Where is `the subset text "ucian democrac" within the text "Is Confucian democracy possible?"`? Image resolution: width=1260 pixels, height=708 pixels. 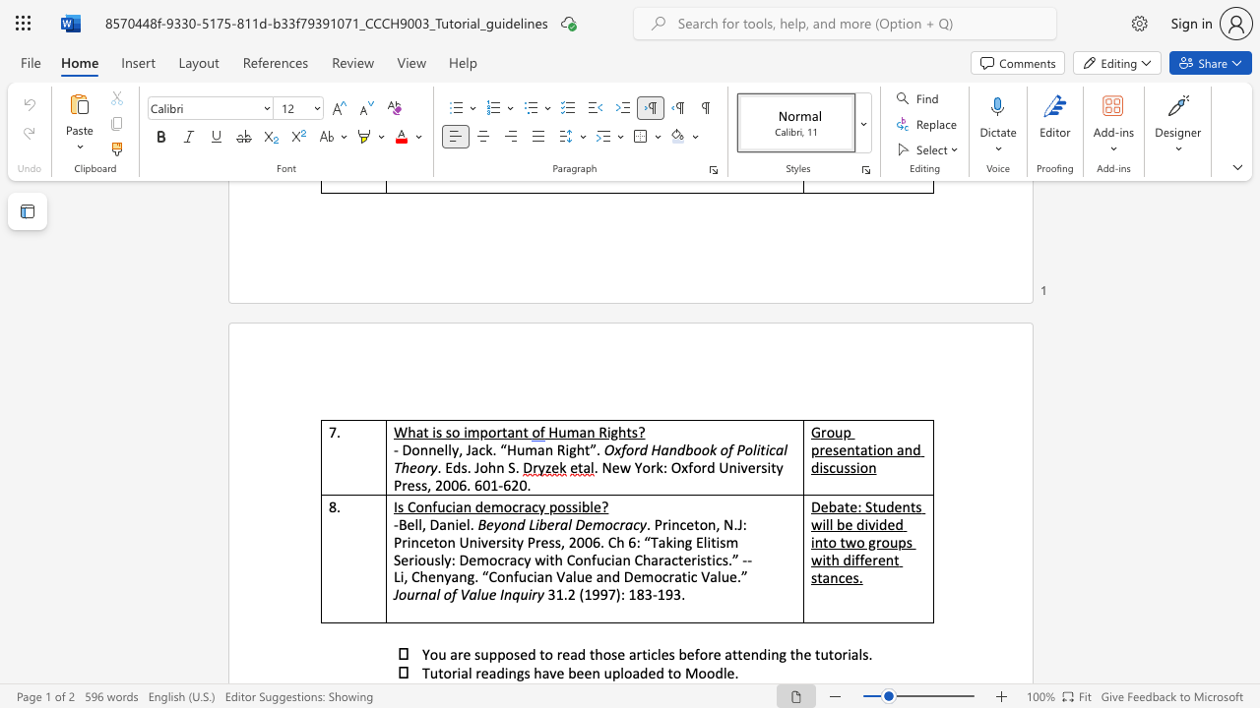
the subset text "ucian democrac" within the text "Is Confucian democracy possible?" is located at coordinates (436, 505).